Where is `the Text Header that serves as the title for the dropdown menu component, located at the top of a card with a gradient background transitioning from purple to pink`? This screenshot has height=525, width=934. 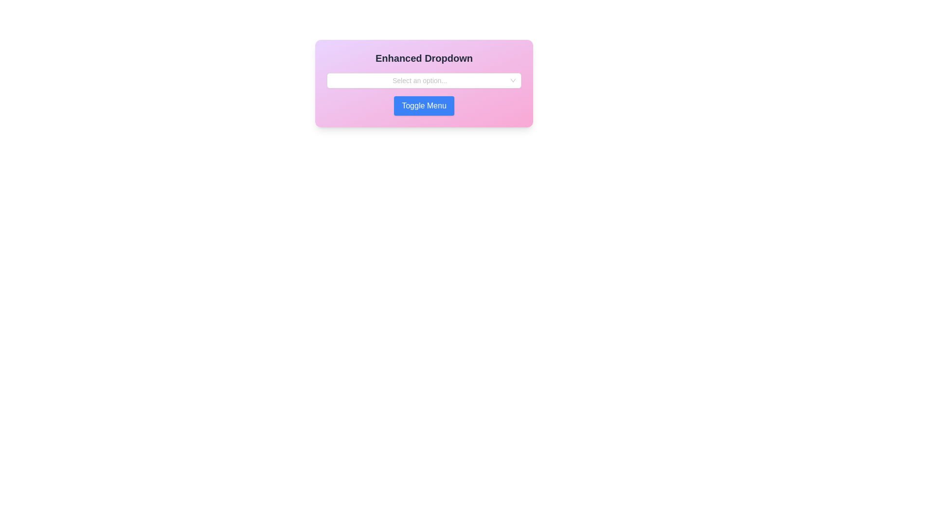 the Text Header that serves as the title for the dropdown menu component, located at the top of a card with a gradient background transitioning from purple to pink is located at coordinates (424, 58).